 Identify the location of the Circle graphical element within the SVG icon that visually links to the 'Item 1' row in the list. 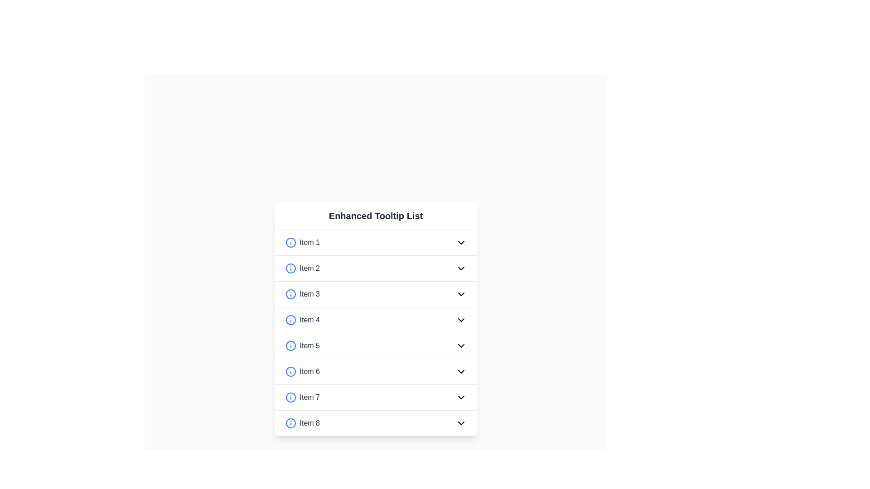
(290, 242).